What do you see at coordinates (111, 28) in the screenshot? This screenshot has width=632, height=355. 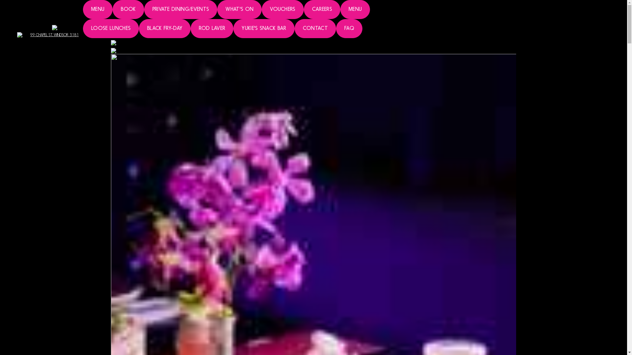 I see `'LOOSE LUNCHES'` at bounding box center [111, 28].